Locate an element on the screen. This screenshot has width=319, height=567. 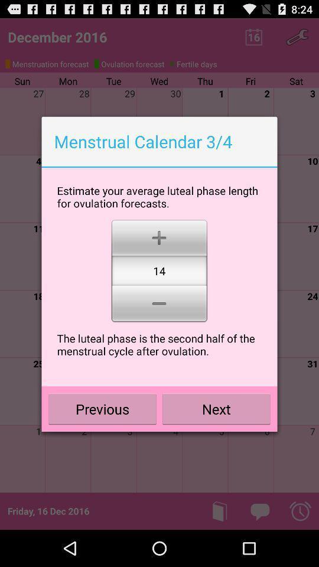
icon next to the next button is located at coordinates (102, 409).